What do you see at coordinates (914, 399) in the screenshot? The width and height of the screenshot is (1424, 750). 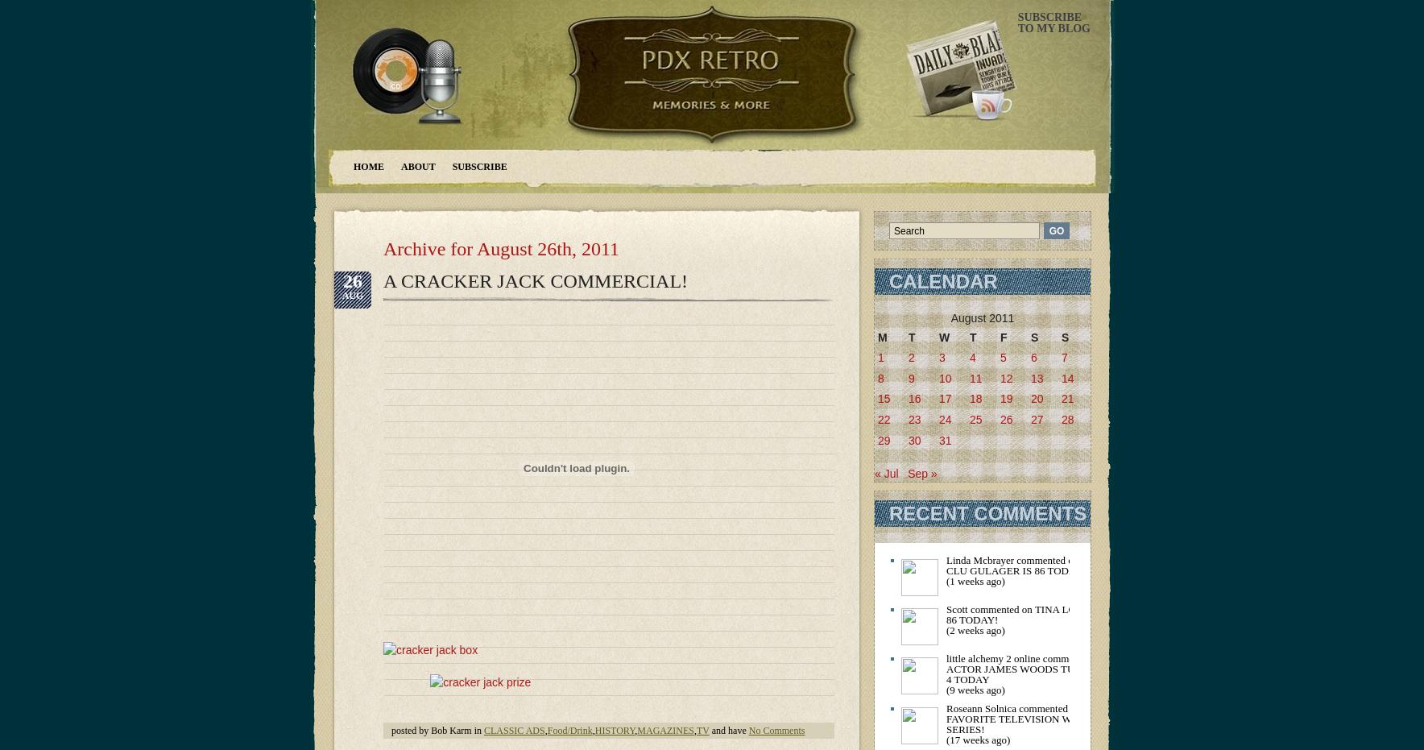 I see `'16'` at bounding box center [914, 399].